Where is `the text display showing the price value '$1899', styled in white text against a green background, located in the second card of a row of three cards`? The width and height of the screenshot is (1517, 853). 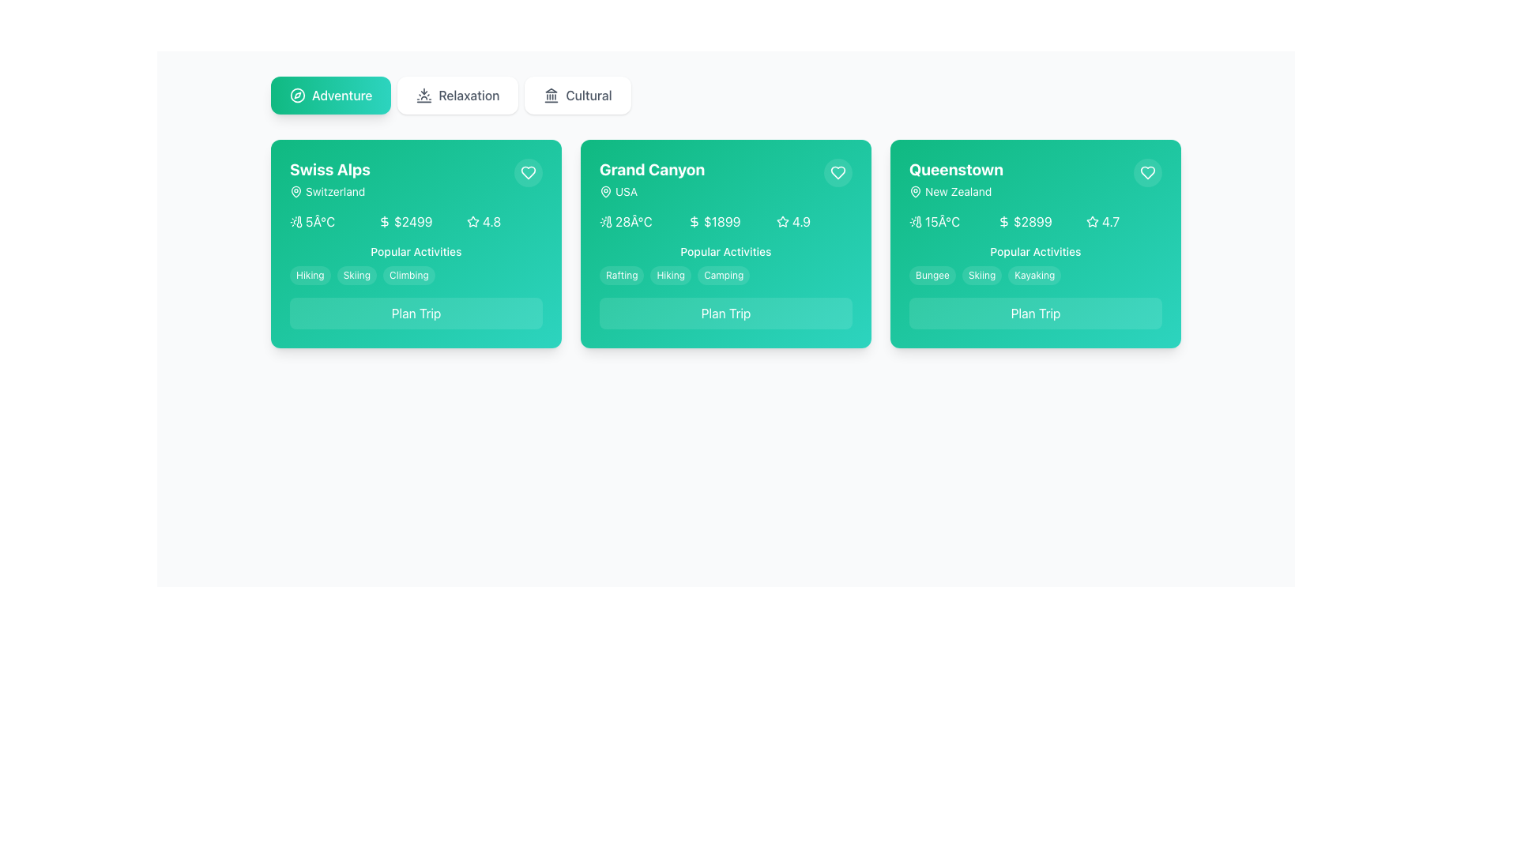 the text display showing the price value '$1899', styled in white text against a green background, located in the second card of a row of three cards is located at coordinates (721, 222).